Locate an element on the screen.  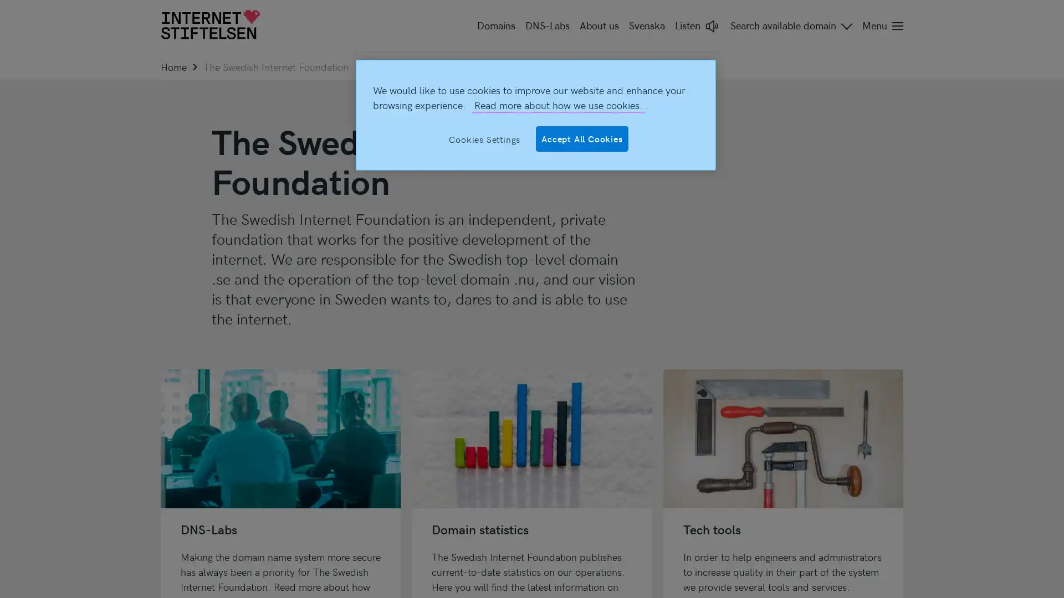
Cookies Settings is located at coordinates (484, 138).